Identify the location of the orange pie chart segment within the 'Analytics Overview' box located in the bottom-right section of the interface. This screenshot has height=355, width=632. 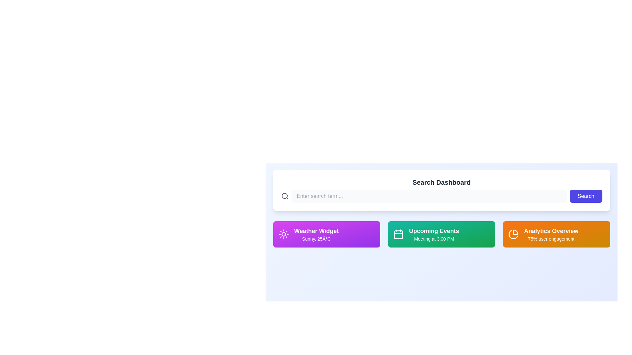
(513, 234).